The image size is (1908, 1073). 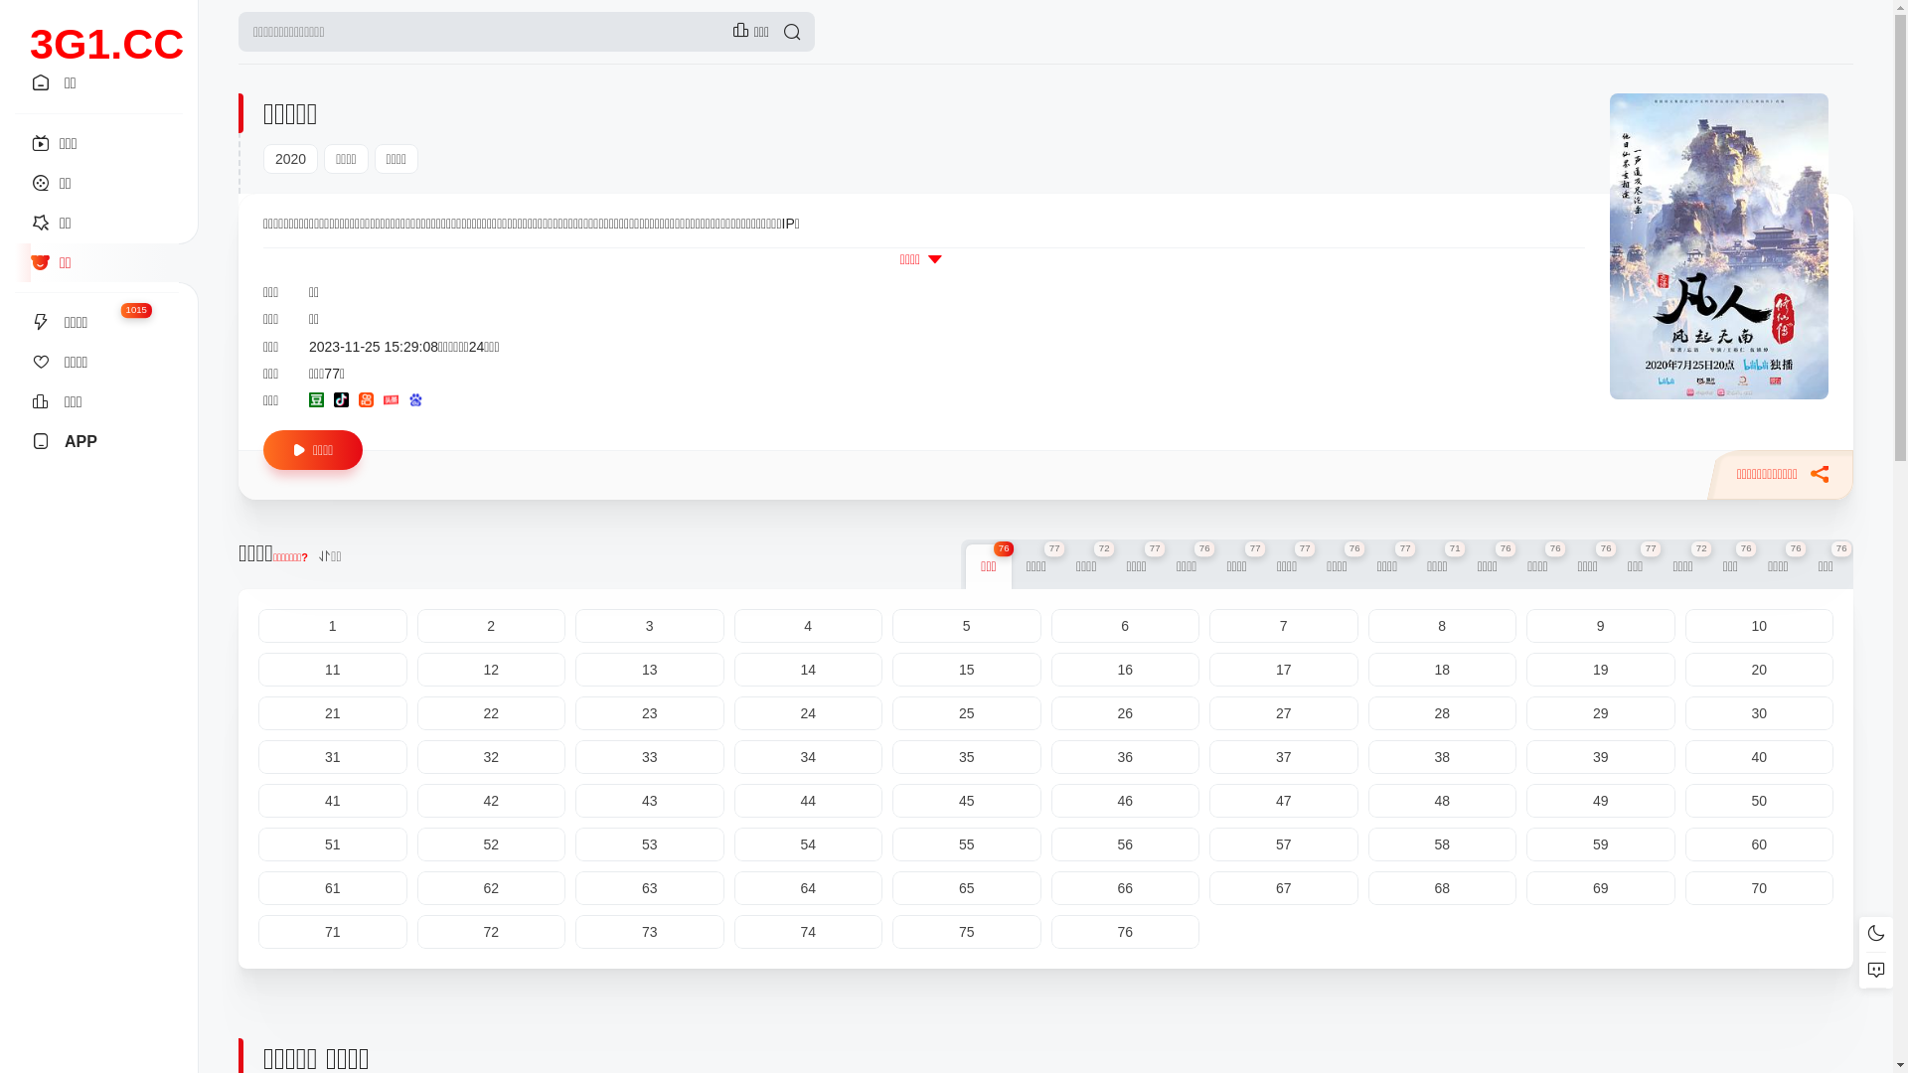 What do you see at coordinates (1125, 800) in the screenshot?
I see `'46'` at bounding box center [1125, 800].